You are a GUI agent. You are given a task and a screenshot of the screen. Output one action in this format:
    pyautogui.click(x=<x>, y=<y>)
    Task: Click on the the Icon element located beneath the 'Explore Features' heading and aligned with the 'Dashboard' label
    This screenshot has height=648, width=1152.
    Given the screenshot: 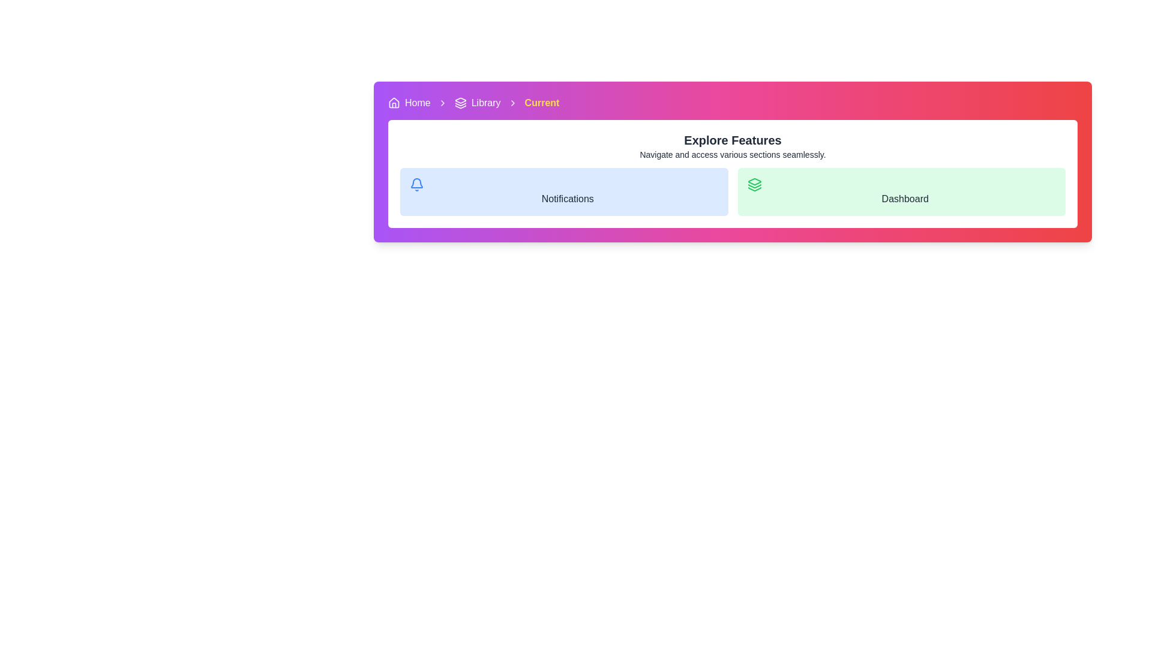 What is the action you would take?
    pyautogui.click(x=754, y=182)
    